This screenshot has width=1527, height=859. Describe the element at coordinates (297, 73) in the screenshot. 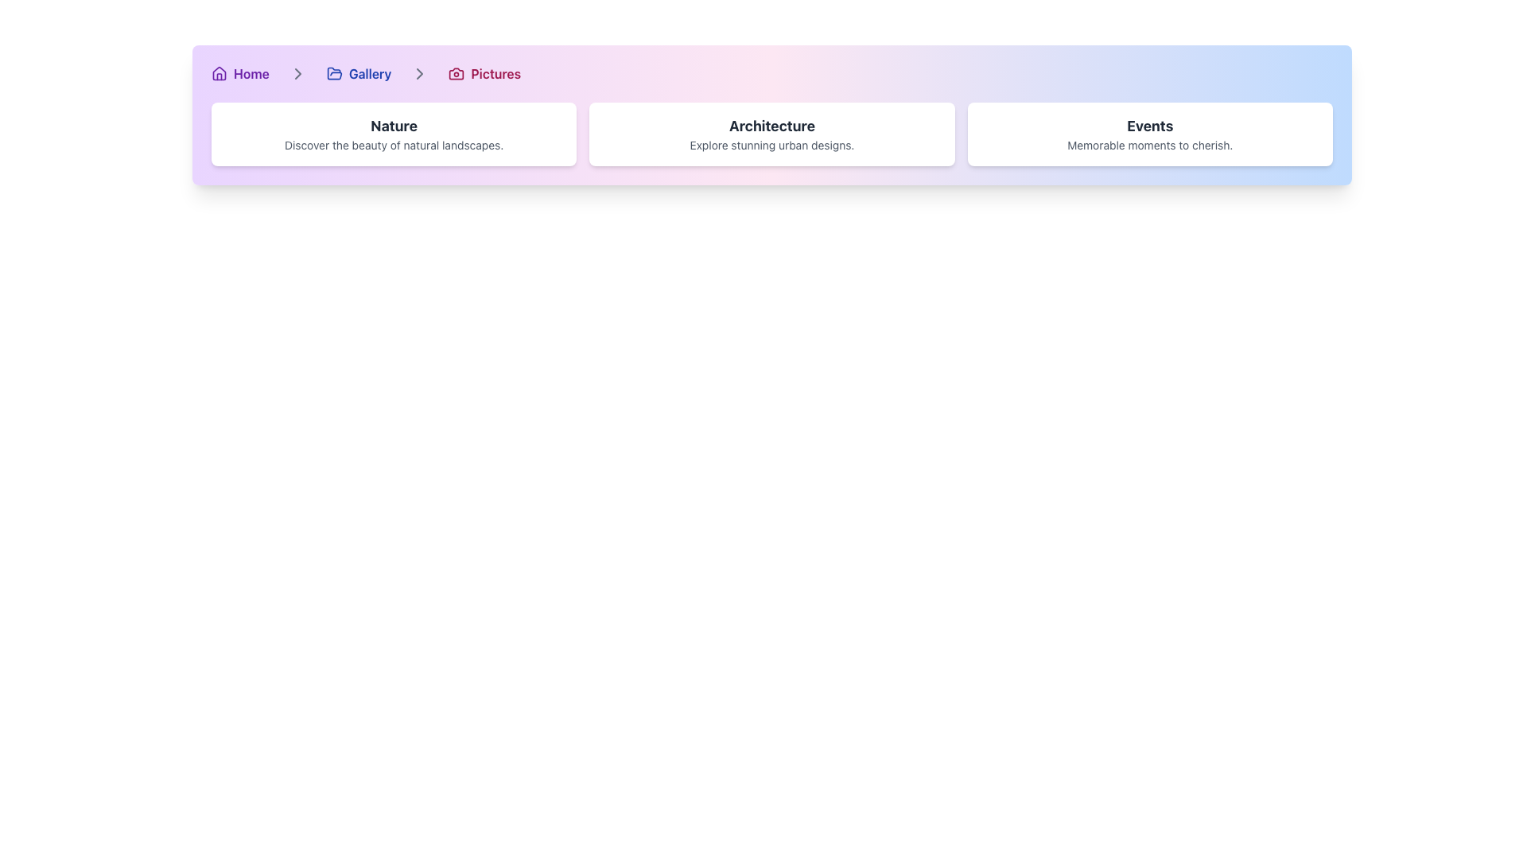

I see `the small right-pointing chevron icon in the breadcrumb navigation bar, positioned between 'Home' and 'Gallery'` at that location.